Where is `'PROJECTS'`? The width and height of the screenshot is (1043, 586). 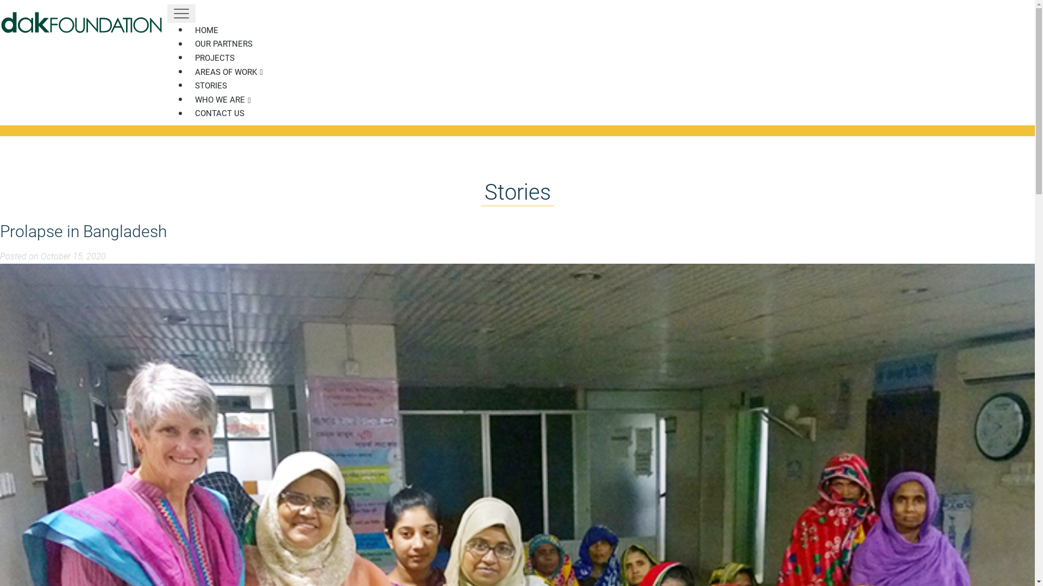 'PROJECTS' is located at coordinates (215, 58).